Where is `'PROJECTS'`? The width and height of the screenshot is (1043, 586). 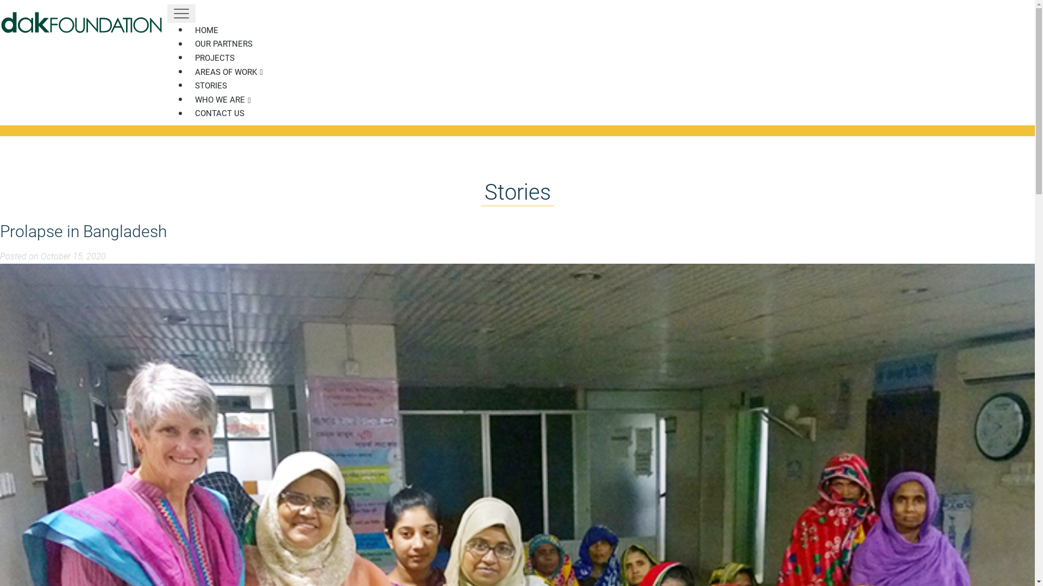 'PROJECTS' is located at coordinates (215, 58).